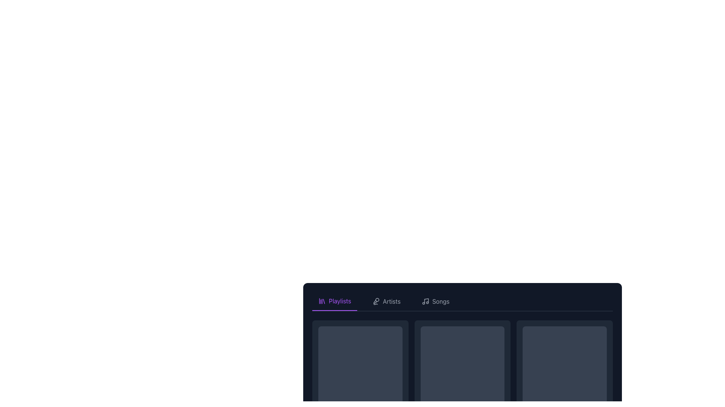 The height and width of the screenshot is (407, 725). Describe the element at coordinates (386, 301) in the screenshot. I see `the 'Artists' navigation tab, which is the second tab from the left in the horizontal navigation bar` at that location.